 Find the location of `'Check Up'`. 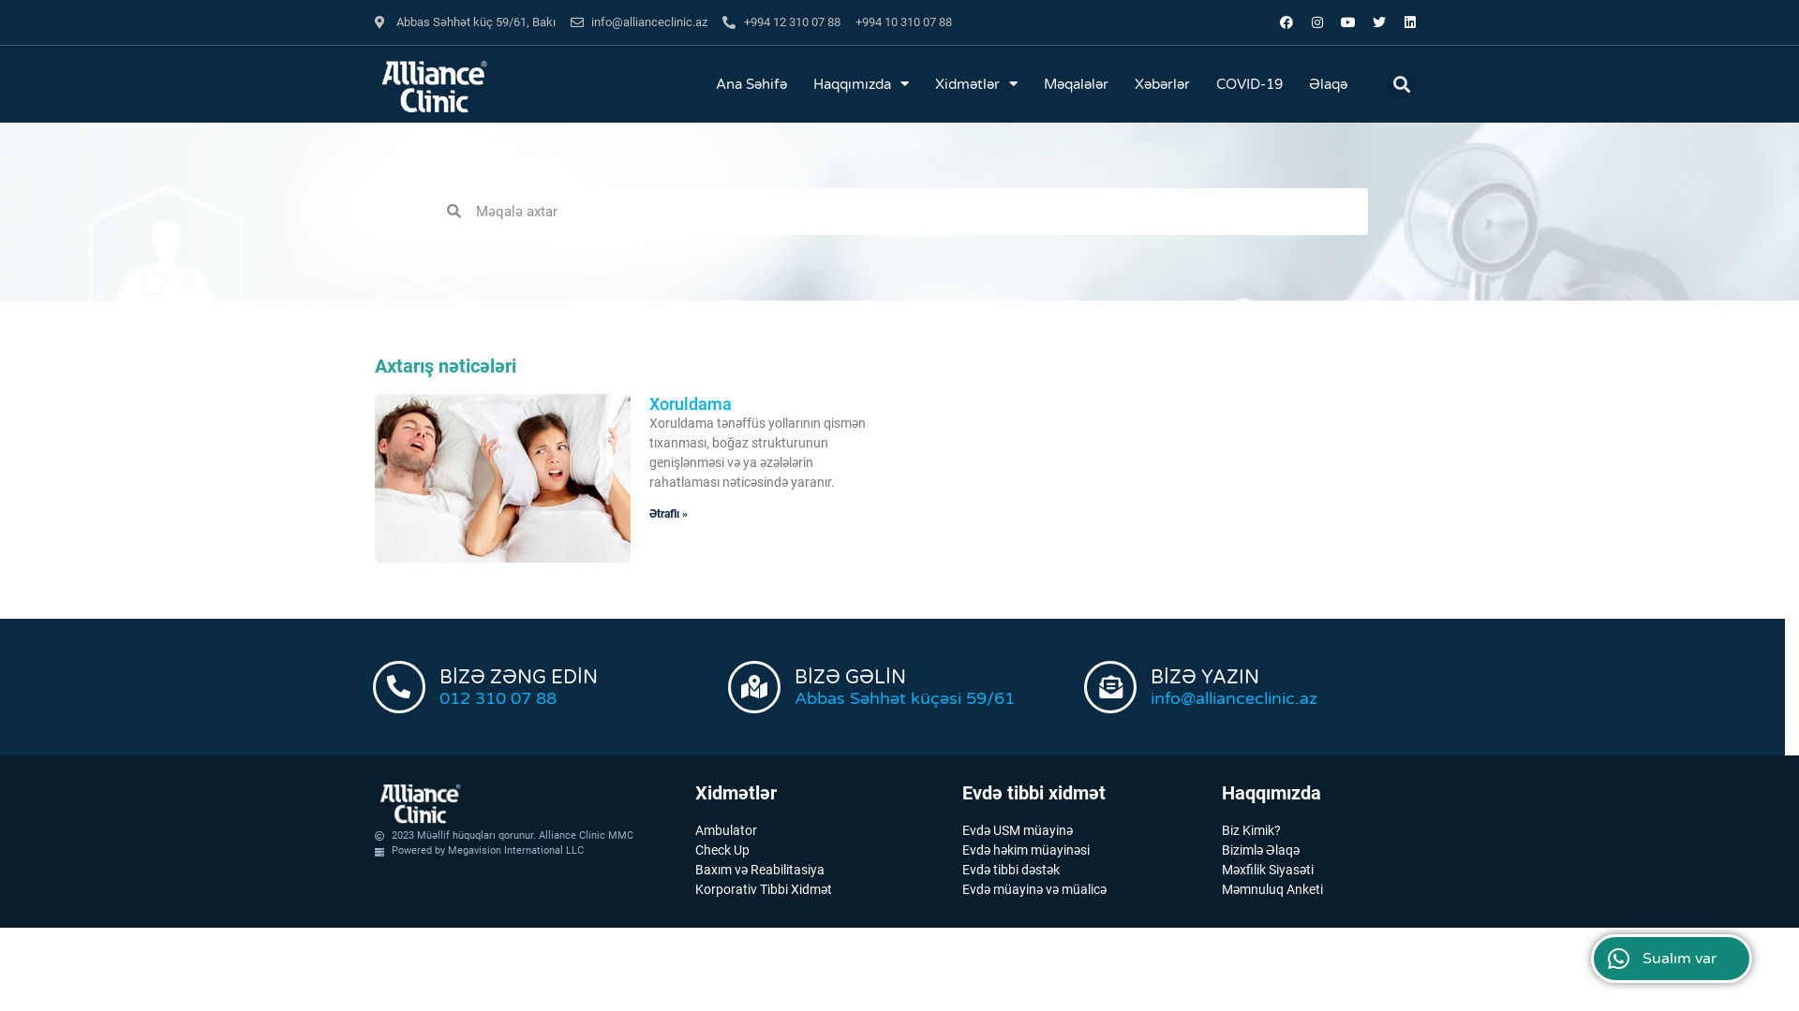

'Check Up' is located at coordinates (694, 850).